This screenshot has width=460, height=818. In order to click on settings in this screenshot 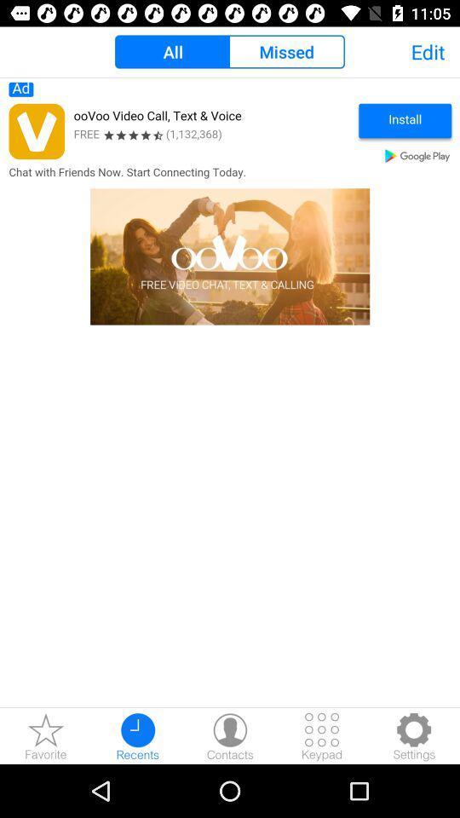, I will do `click(413, 735)`.